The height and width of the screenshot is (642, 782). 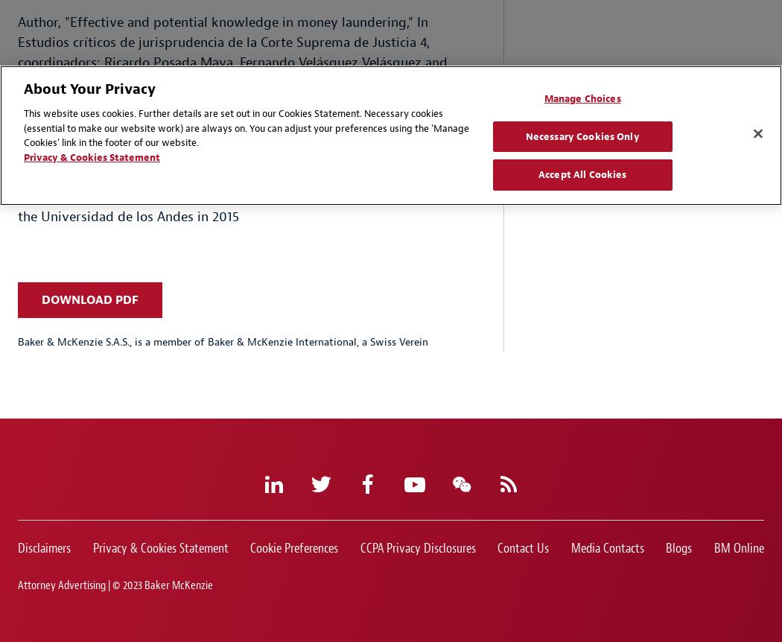 I want to click on 'Media Contacts', so click(x=606, y=547).